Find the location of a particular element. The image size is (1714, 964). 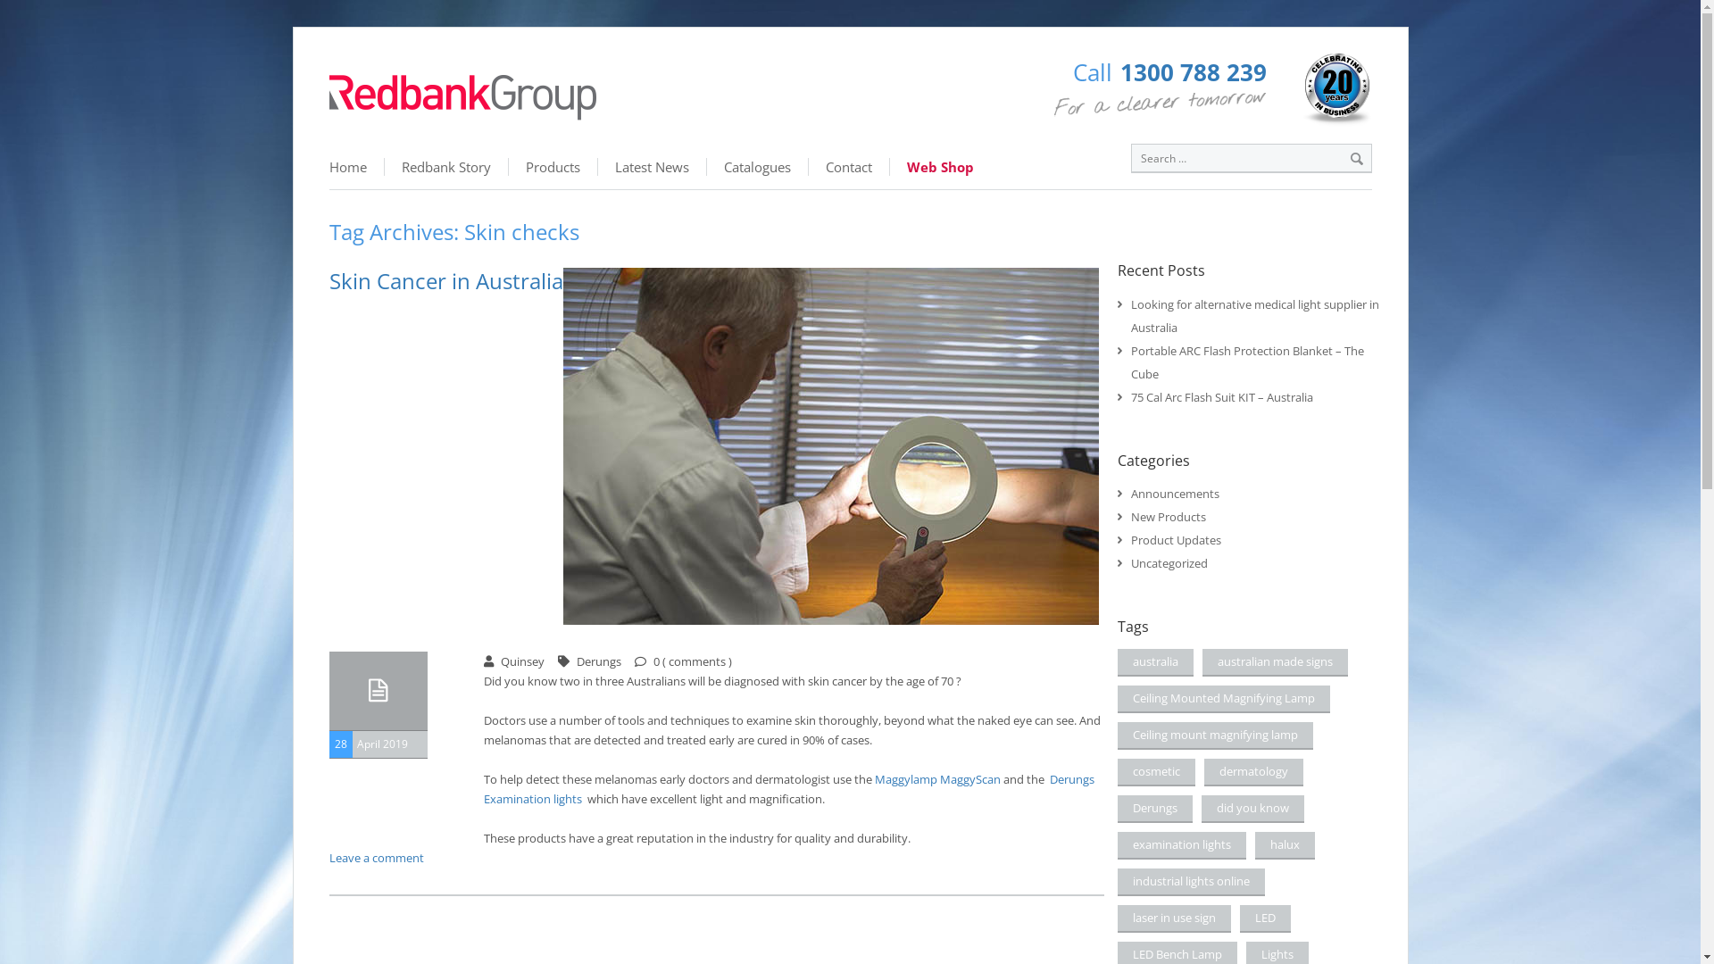

'LED' is located at coordinates (1238, 918).